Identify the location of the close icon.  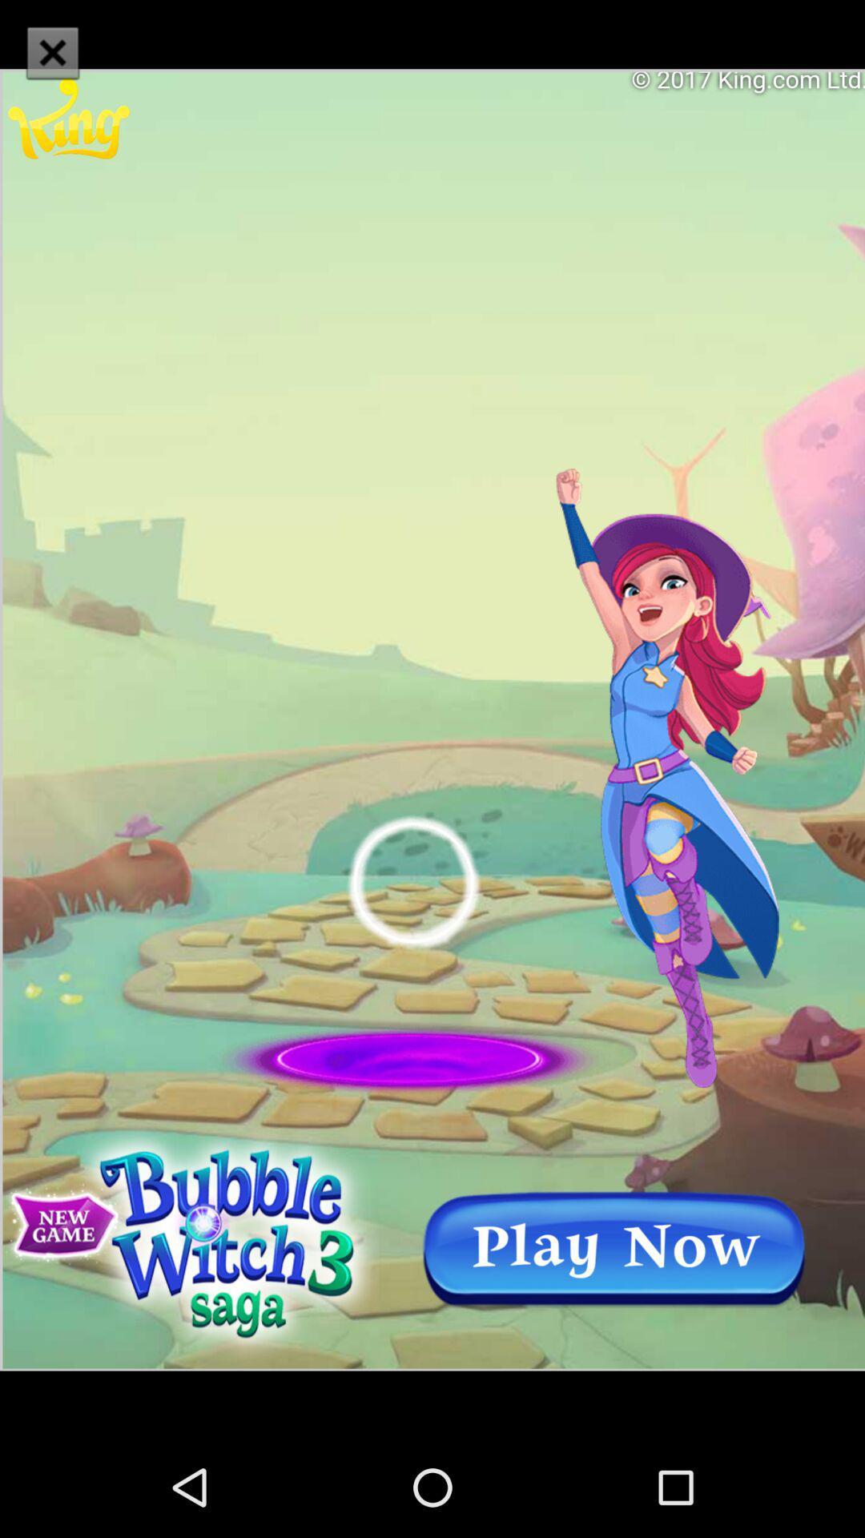
(51, 52).